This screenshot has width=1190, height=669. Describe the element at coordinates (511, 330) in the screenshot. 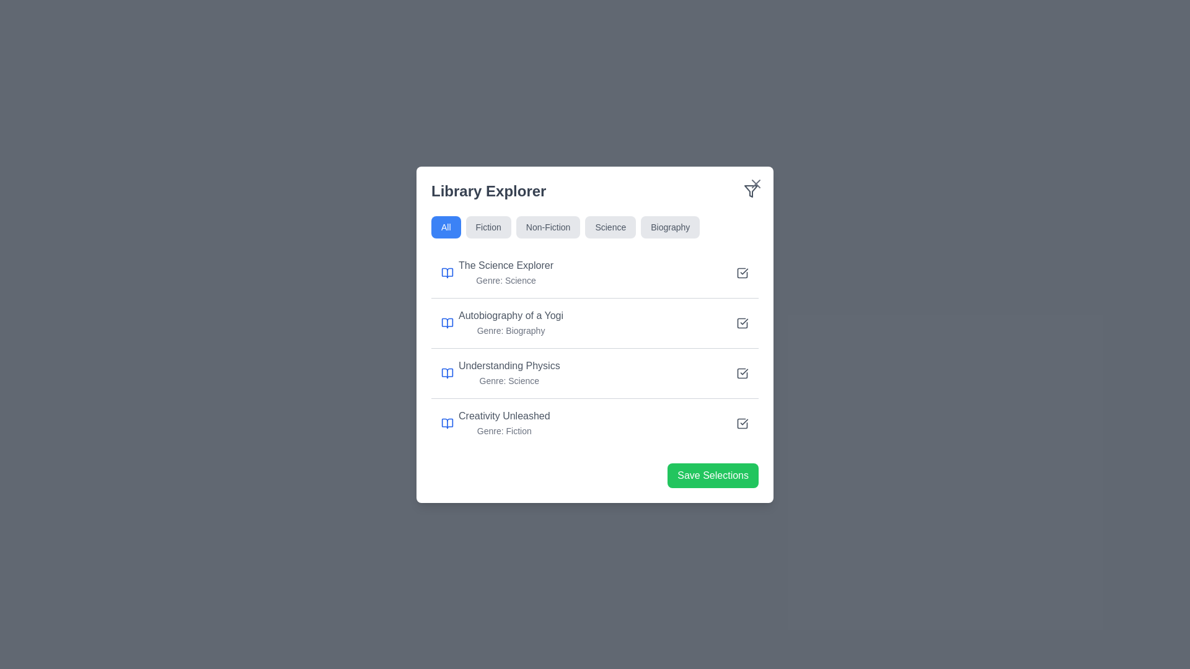

I see `the gray-colored textual label stating 'Genre: Biography' located below the title 'Autobiography of a Yogi' in the 'Library Explorer' panel` at that location.